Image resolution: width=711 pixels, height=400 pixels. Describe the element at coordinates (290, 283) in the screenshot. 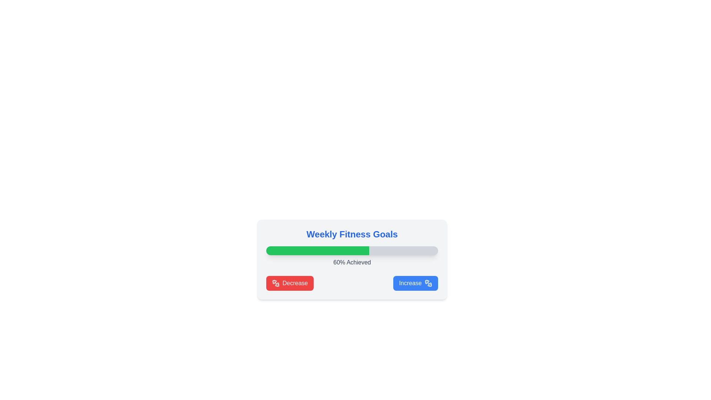

I see `the leftmost button with a red background and white text reading 'Decrease'` at that location.